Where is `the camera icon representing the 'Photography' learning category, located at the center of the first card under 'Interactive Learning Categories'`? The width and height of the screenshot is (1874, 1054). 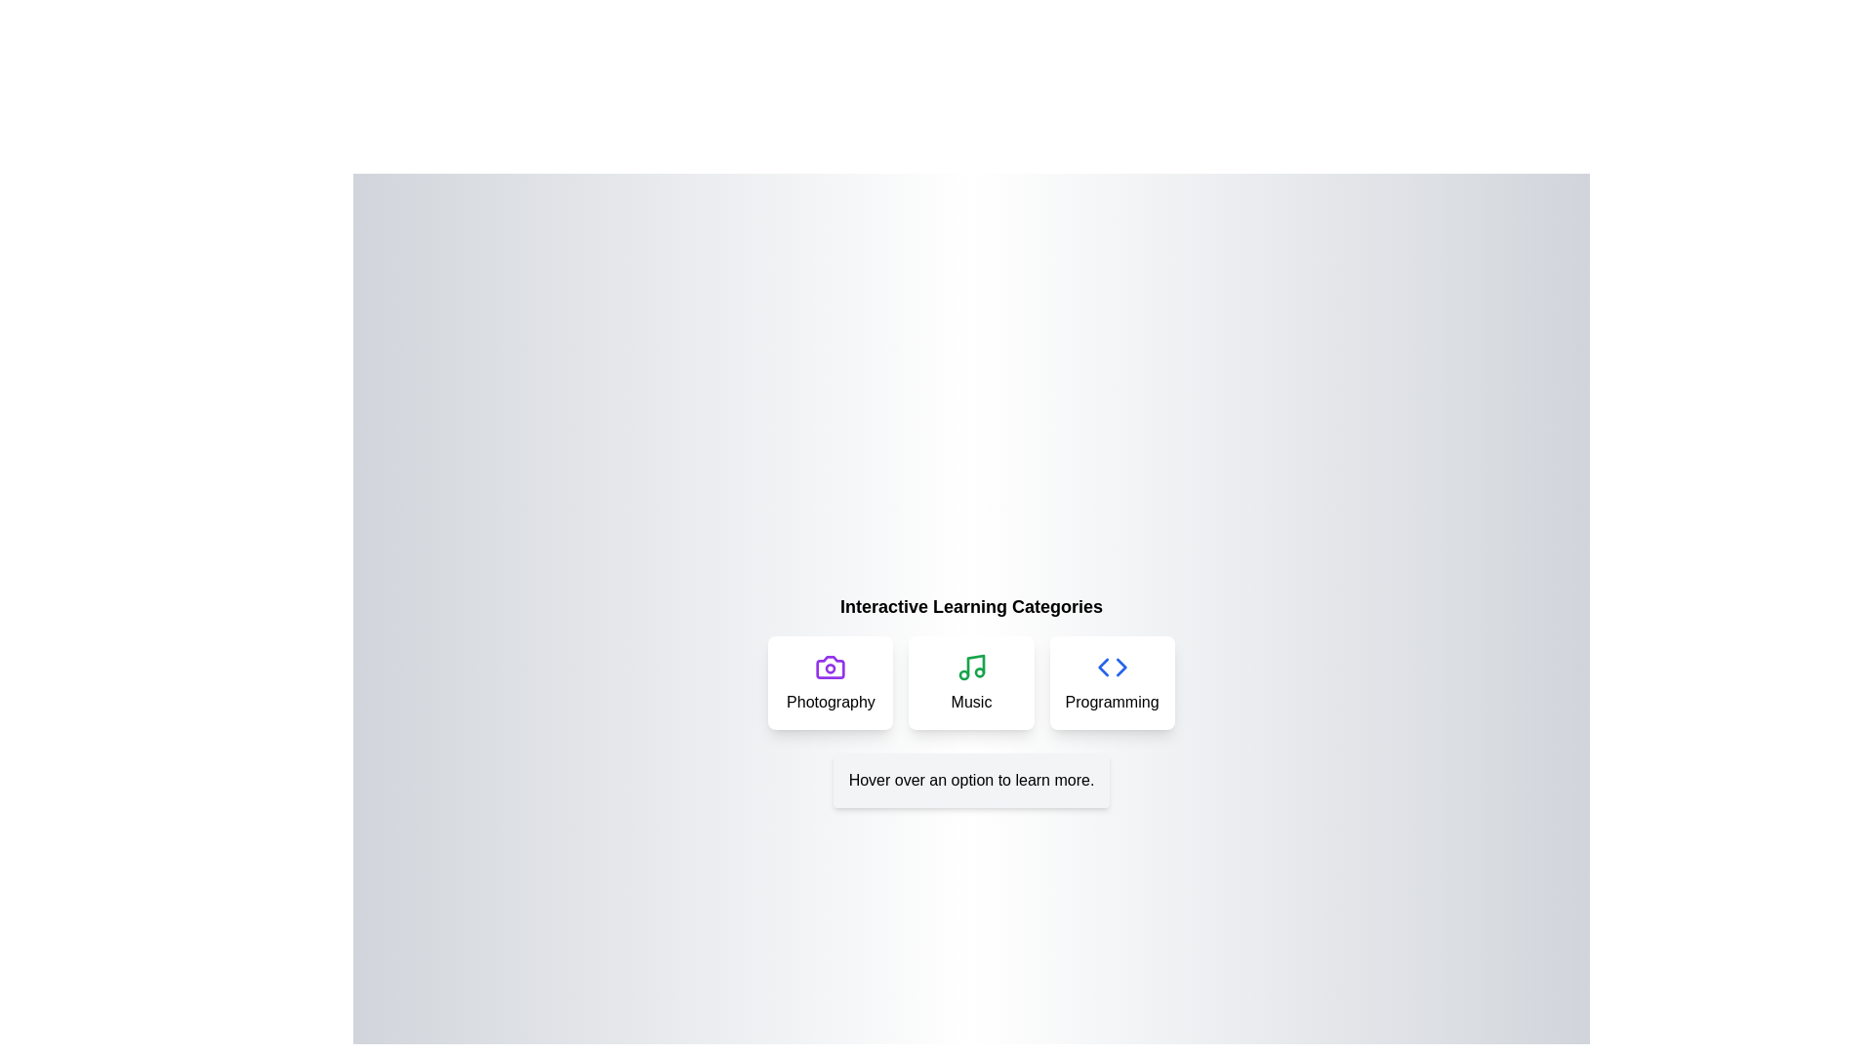 the camera icon representing the 'Photography' learning category, located at the center of the first card under 'Interactive Learning Categories' is located at coordinates (831, 666).